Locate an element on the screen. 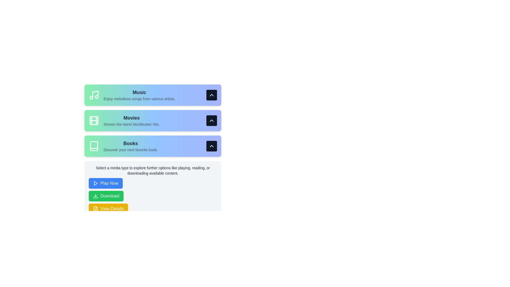  the upward-pointing chevron icon located in the 'Books' section is located at coordinates (211, 146).